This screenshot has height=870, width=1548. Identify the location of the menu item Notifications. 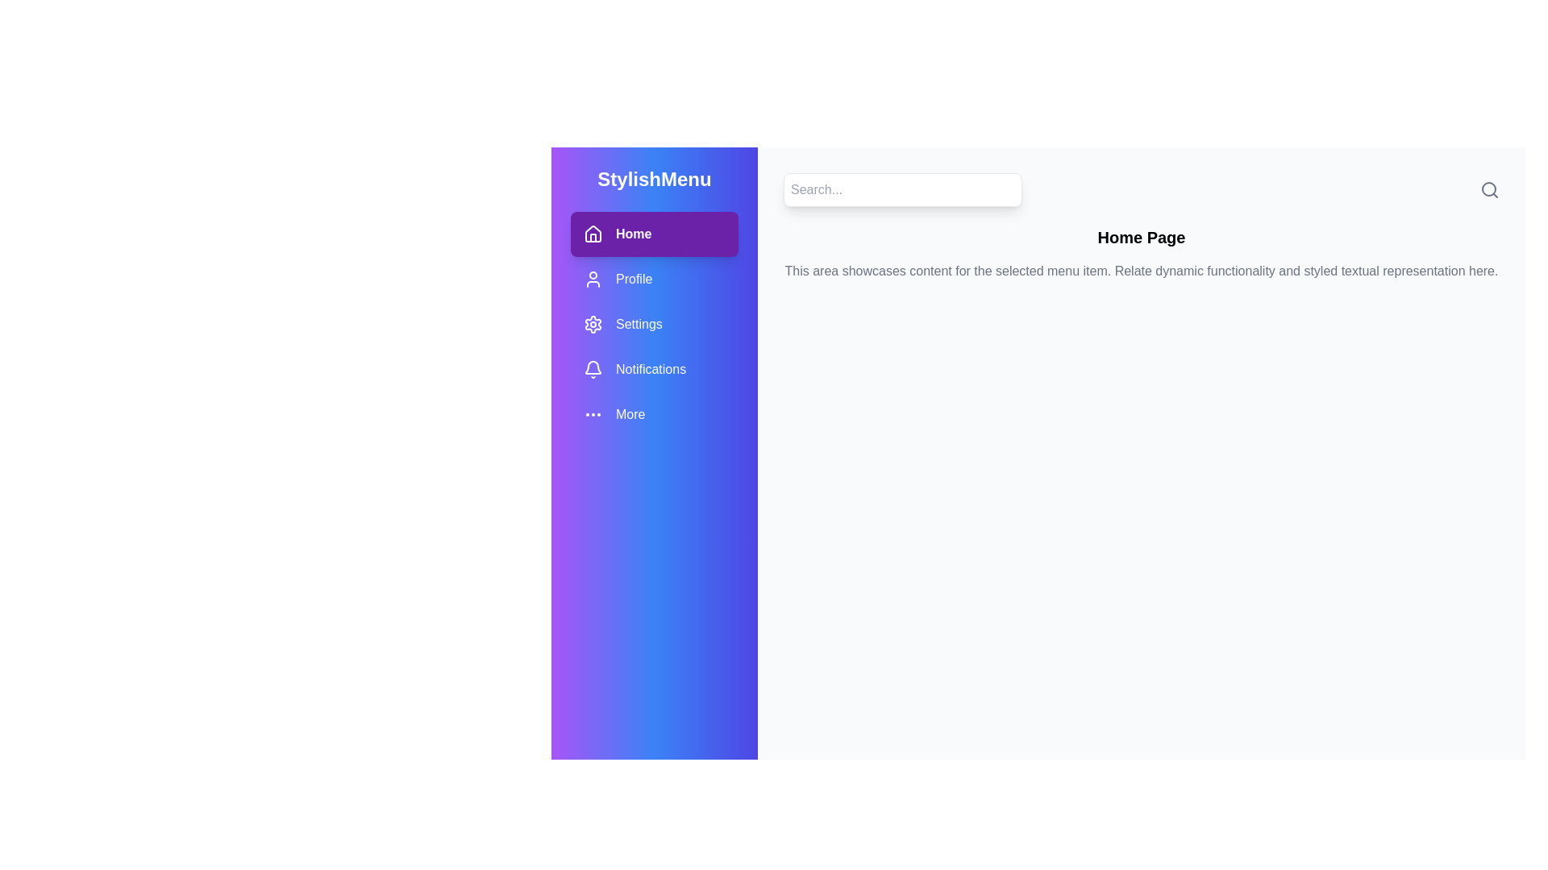
(654, 370).